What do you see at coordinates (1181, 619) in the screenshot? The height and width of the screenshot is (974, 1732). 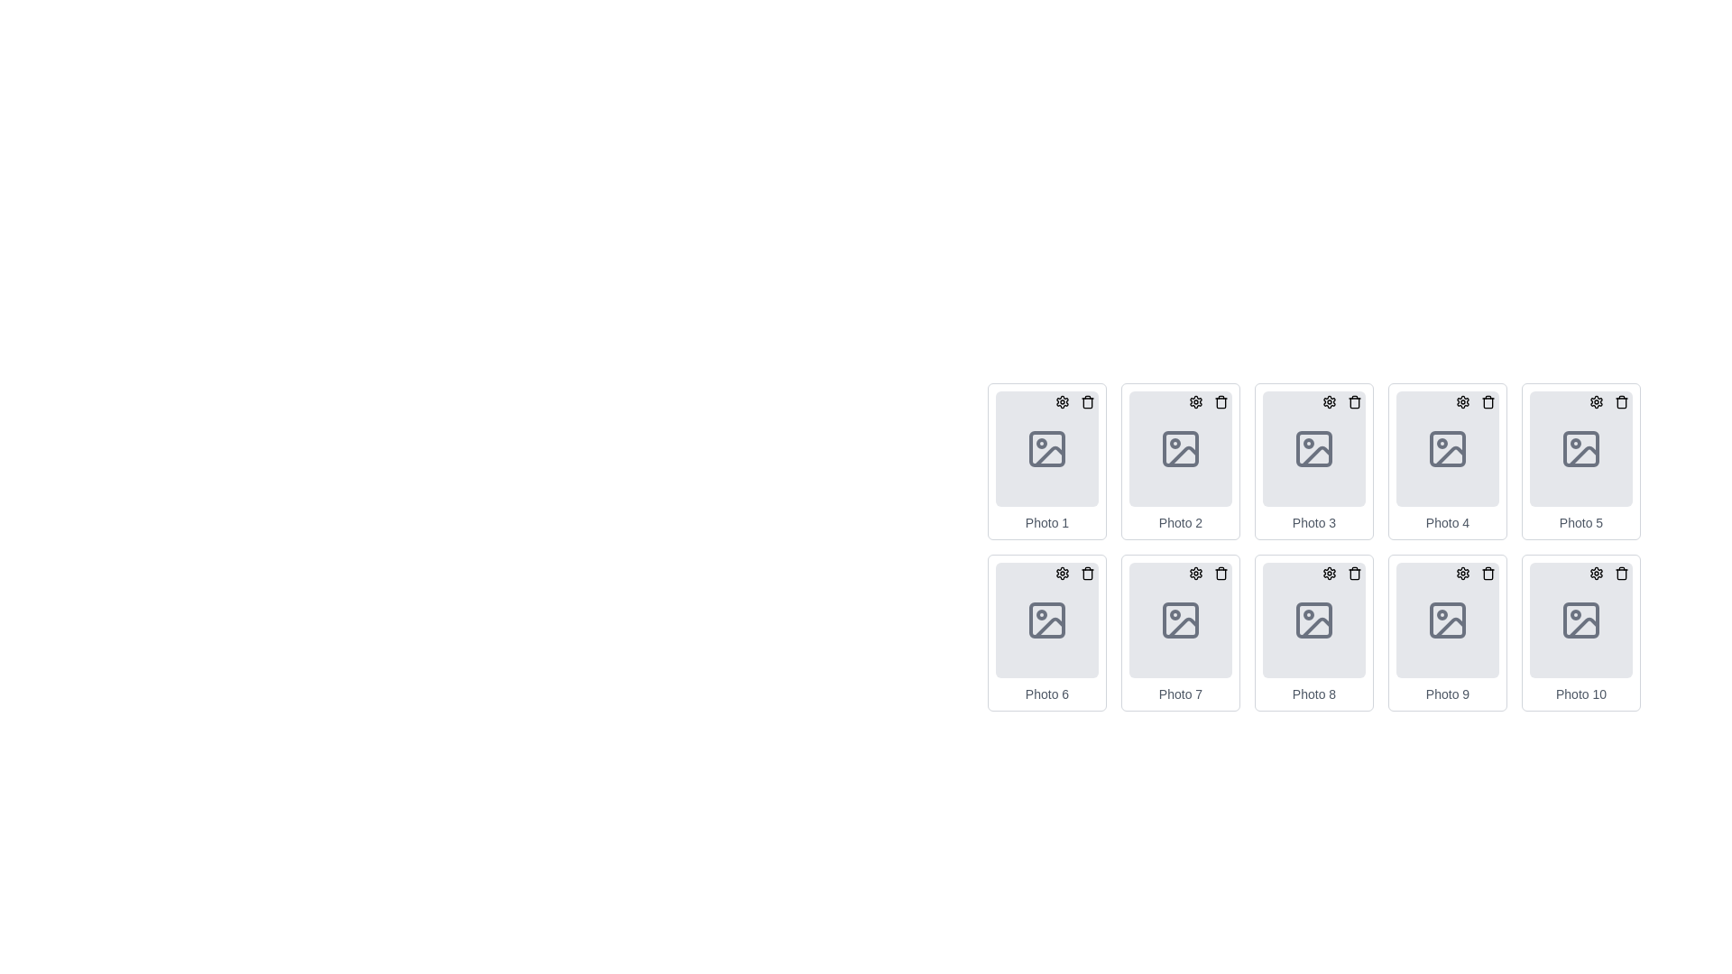 I see `the light gray square with rounded corners that is part of the 'Photo 7' icon, located in the second row and second column of the grid` at bounding box center [1181, 619].